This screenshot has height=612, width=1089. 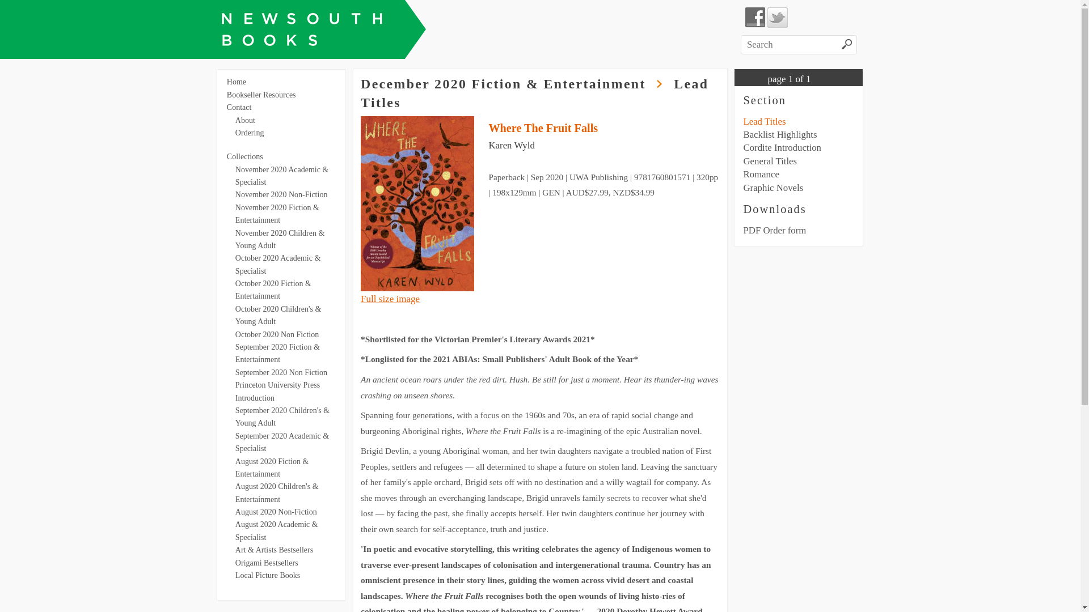 What do you see at coordinates (244, 156) in the screenshot?
I see `'Collections'` at bounding box center [244, 156].